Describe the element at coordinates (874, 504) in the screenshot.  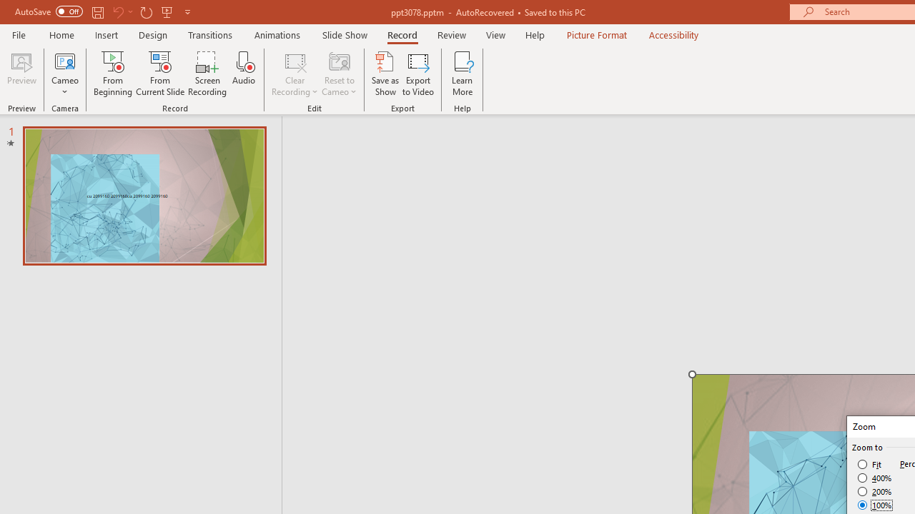
I see `'100%'` at that location.